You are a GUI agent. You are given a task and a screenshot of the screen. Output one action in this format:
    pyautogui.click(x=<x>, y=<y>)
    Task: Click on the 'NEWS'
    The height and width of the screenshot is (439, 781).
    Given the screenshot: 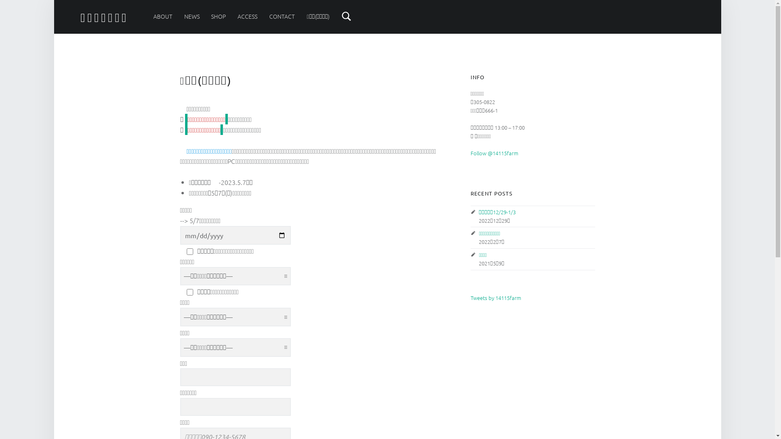 What is the action you would take?
    pyautogui.click(x=183, y=16)
    